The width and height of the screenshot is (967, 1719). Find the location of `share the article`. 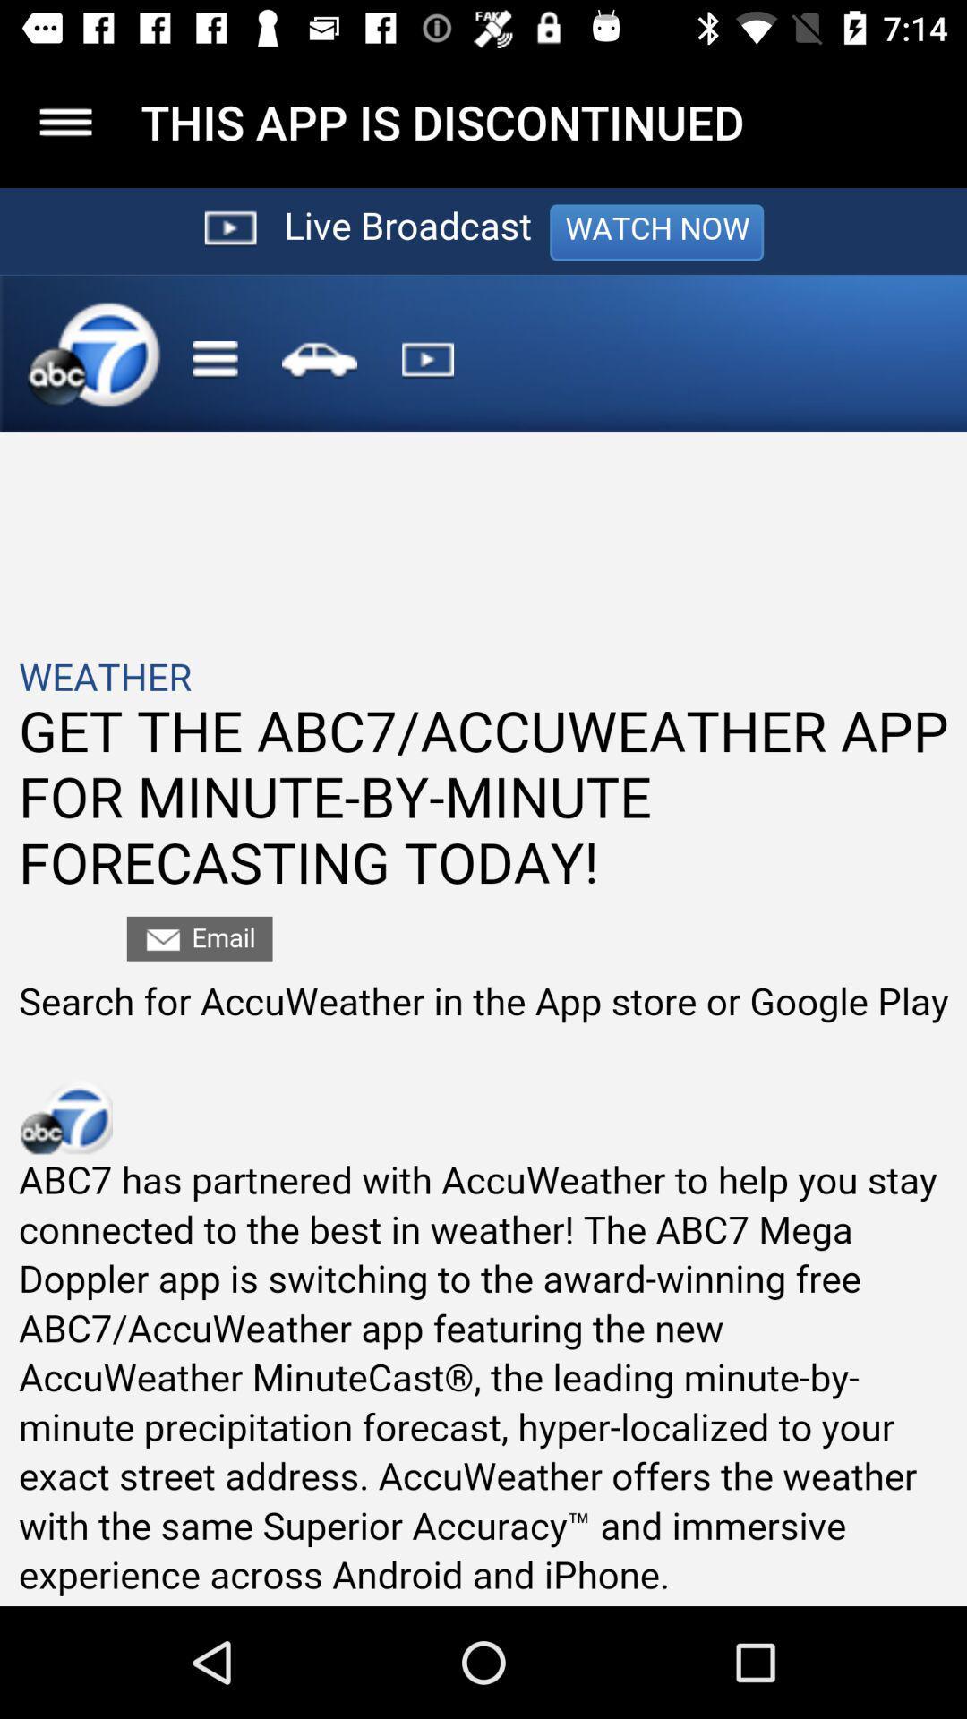

share the article is located at coordinates (483, 897).